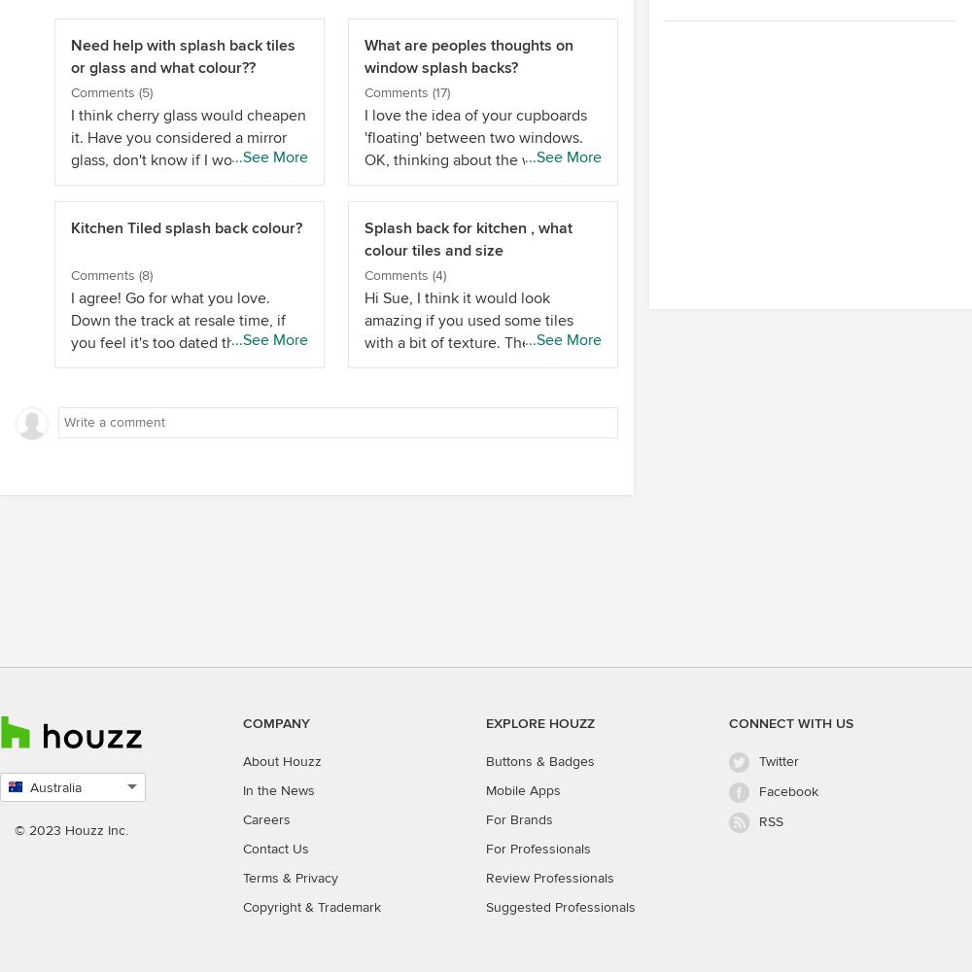 The image size is (972, 972). Describe the element at coordinates (111, 274) in the screenshot. I see `'Comments (8)'` at that location.